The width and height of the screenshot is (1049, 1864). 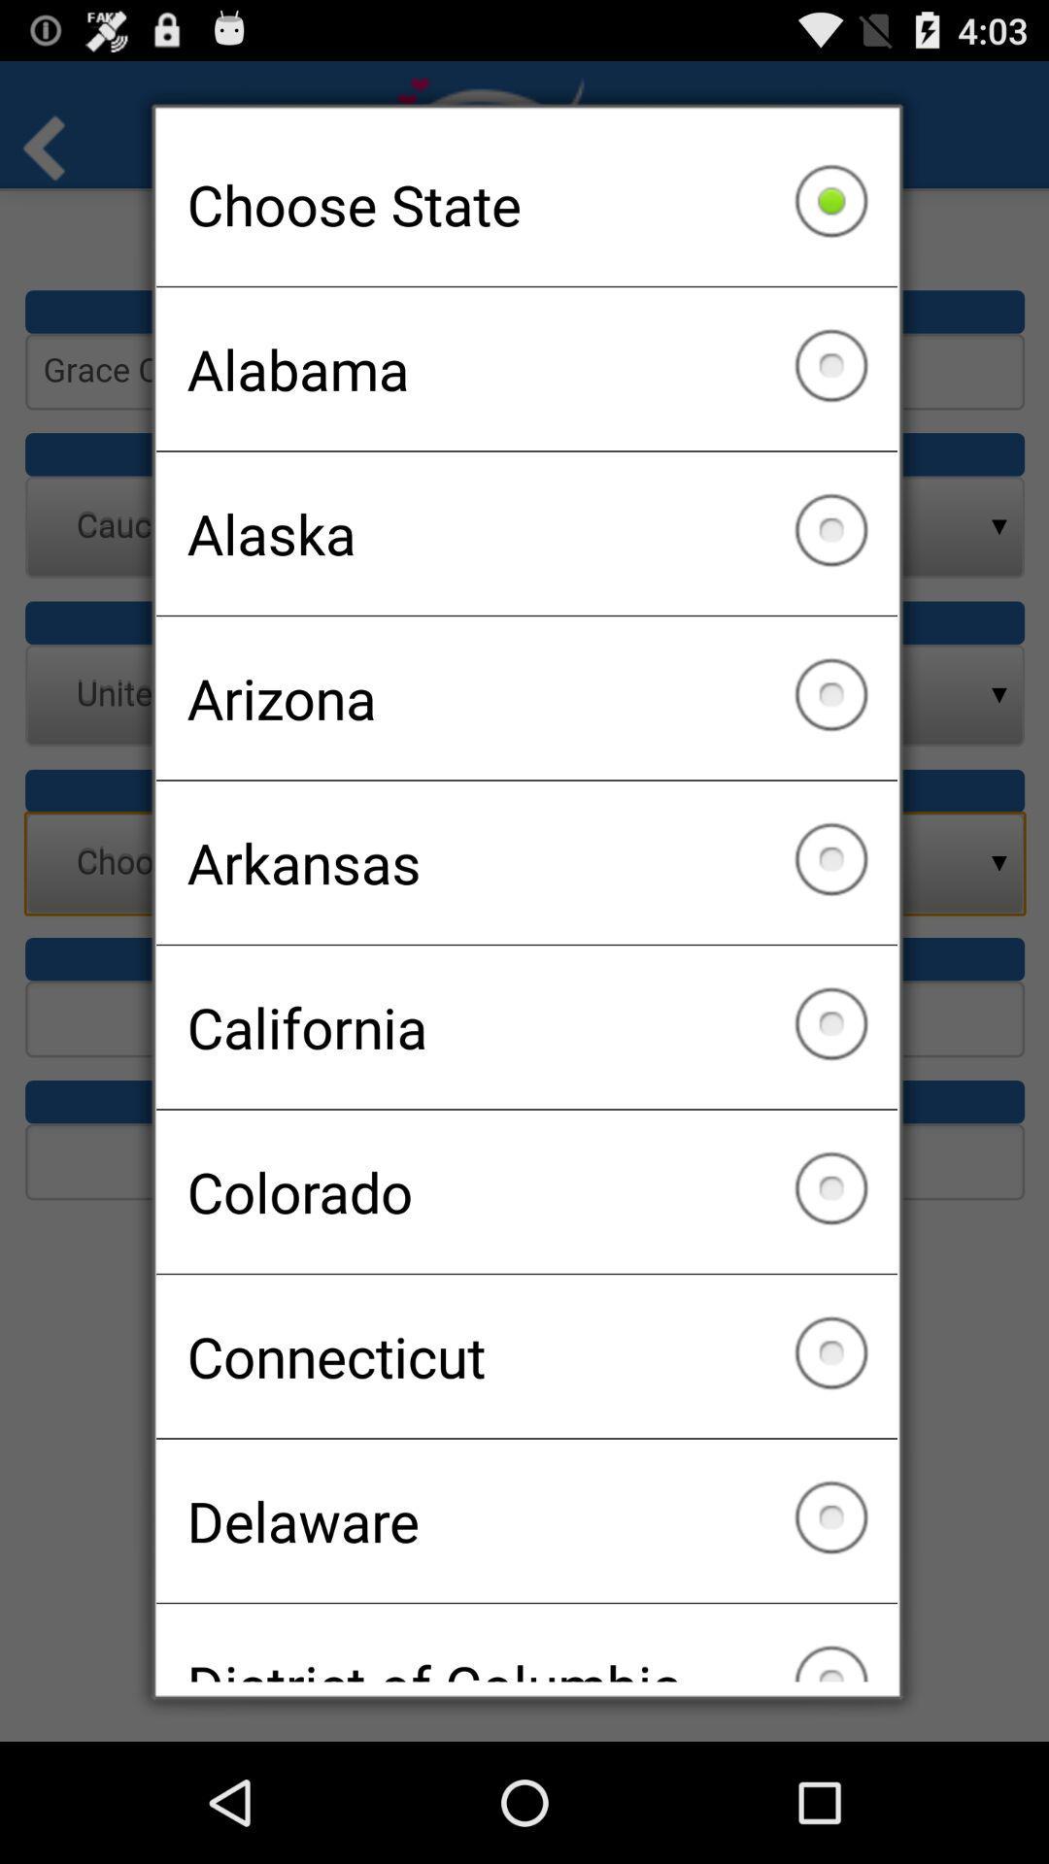 I want to click on checkbox above the colorado item, so click(x=526, y=1026).